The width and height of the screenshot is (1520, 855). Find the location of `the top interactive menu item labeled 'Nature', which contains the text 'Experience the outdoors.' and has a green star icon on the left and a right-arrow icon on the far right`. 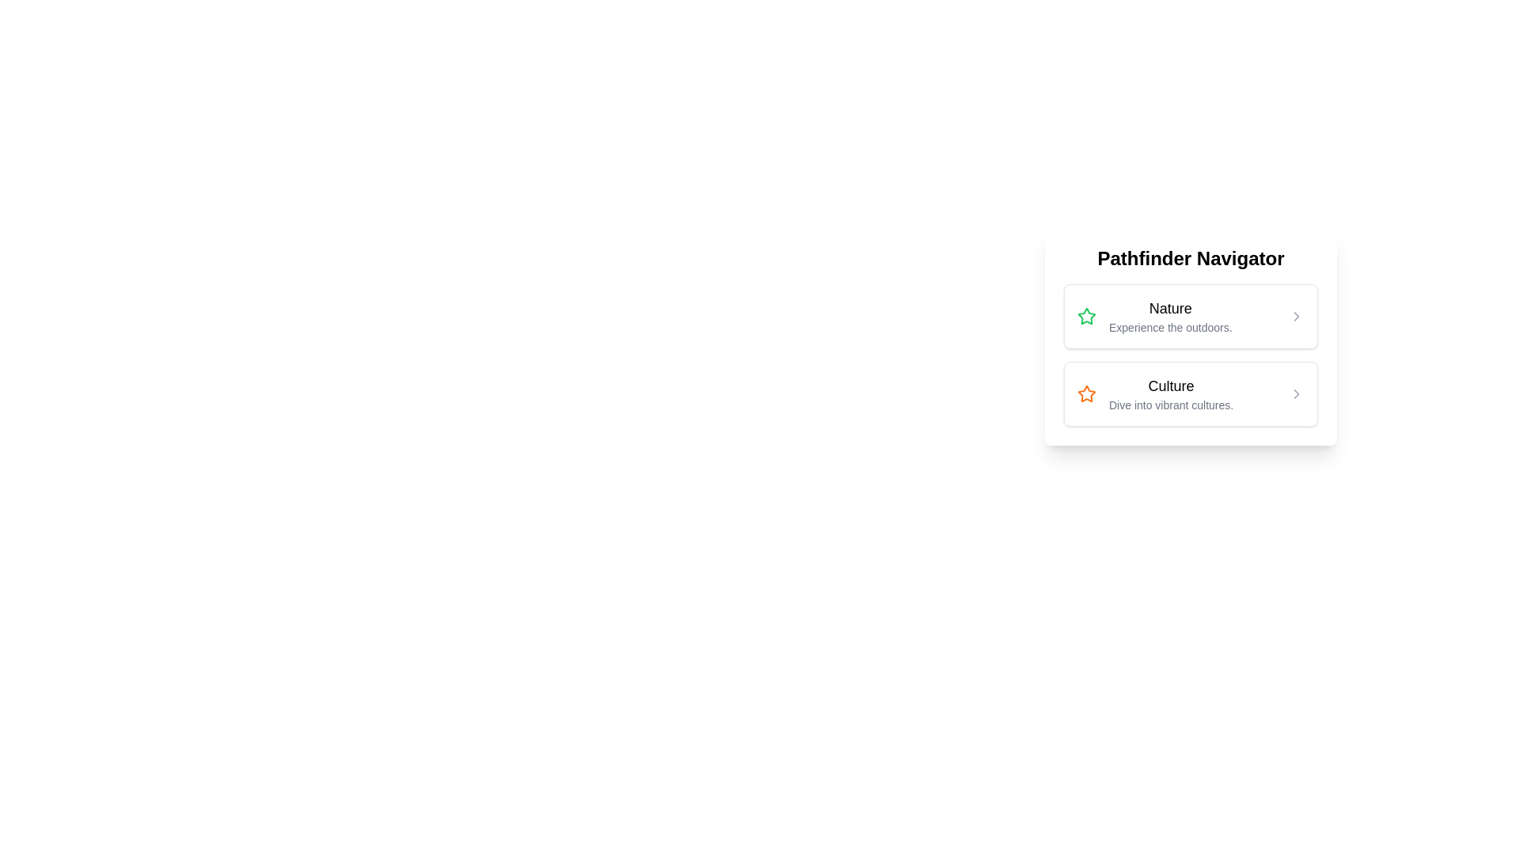

the top interactive menu item labeled 'Nature', which contains the text 'Experience the outdoors.' and has a green star icon on the left and a right-arrow icon on the far right is located at coordinates (1191, 317).